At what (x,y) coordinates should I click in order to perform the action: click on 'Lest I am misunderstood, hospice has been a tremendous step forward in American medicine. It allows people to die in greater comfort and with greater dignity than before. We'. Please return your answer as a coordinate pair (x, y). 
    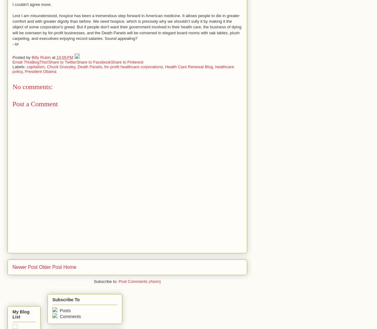
    Looking at the image, I should click on (125, 18).